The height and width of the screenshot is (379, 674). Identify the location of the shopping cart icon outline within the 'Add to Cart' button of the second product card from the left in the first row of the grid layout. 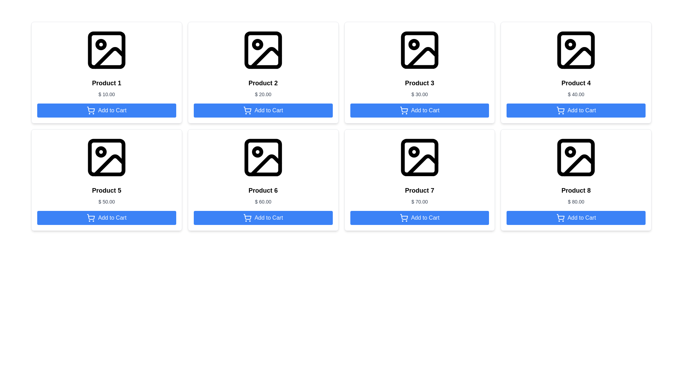
(247, 109).